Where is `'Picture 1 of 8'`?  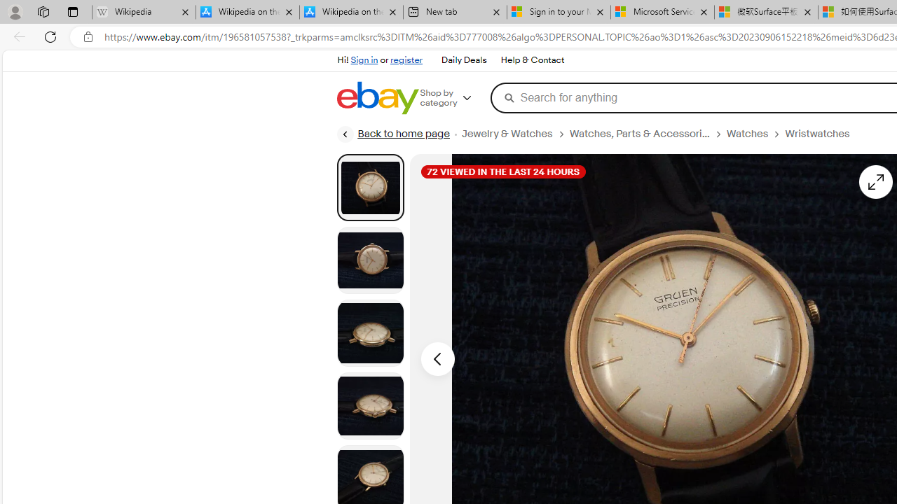
'Picture 1 of 8' is located at coordinates (370, 187).